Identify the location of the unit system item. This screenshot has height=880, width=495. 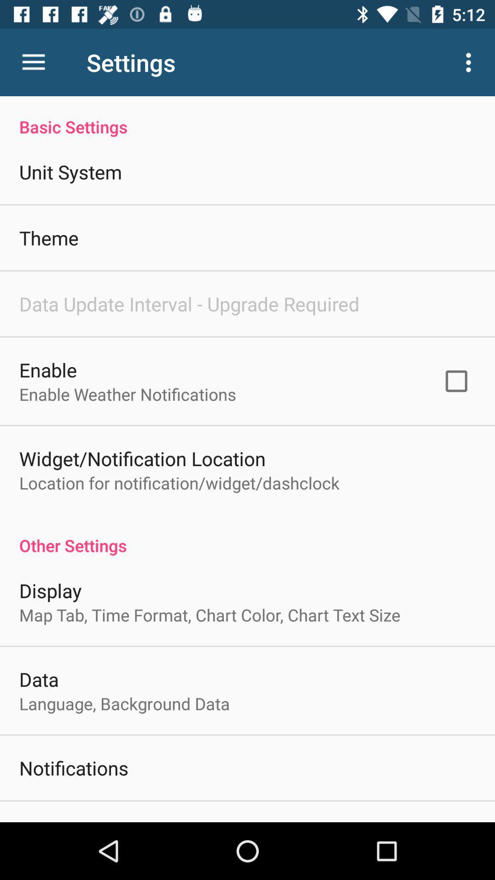
(70, 171).